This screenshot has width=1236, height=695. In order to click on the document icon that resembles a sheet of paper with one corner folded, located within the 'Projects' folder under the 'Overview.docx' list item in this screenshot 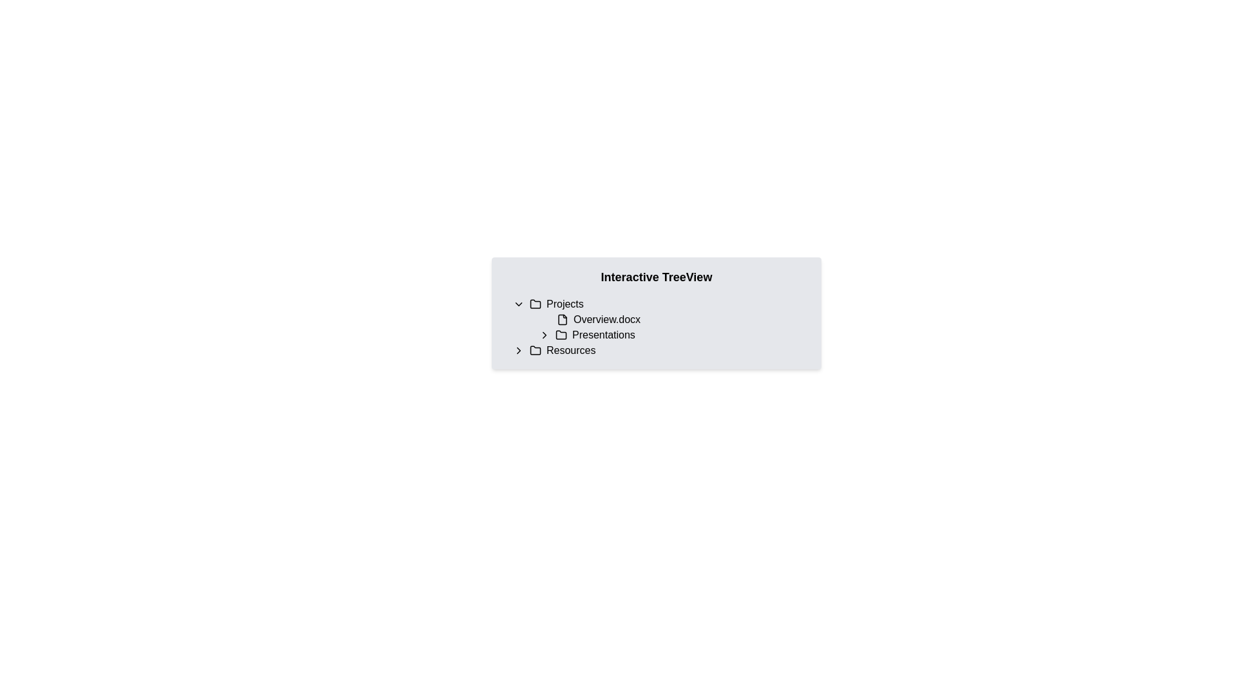, I will do `click(562, 319)`.